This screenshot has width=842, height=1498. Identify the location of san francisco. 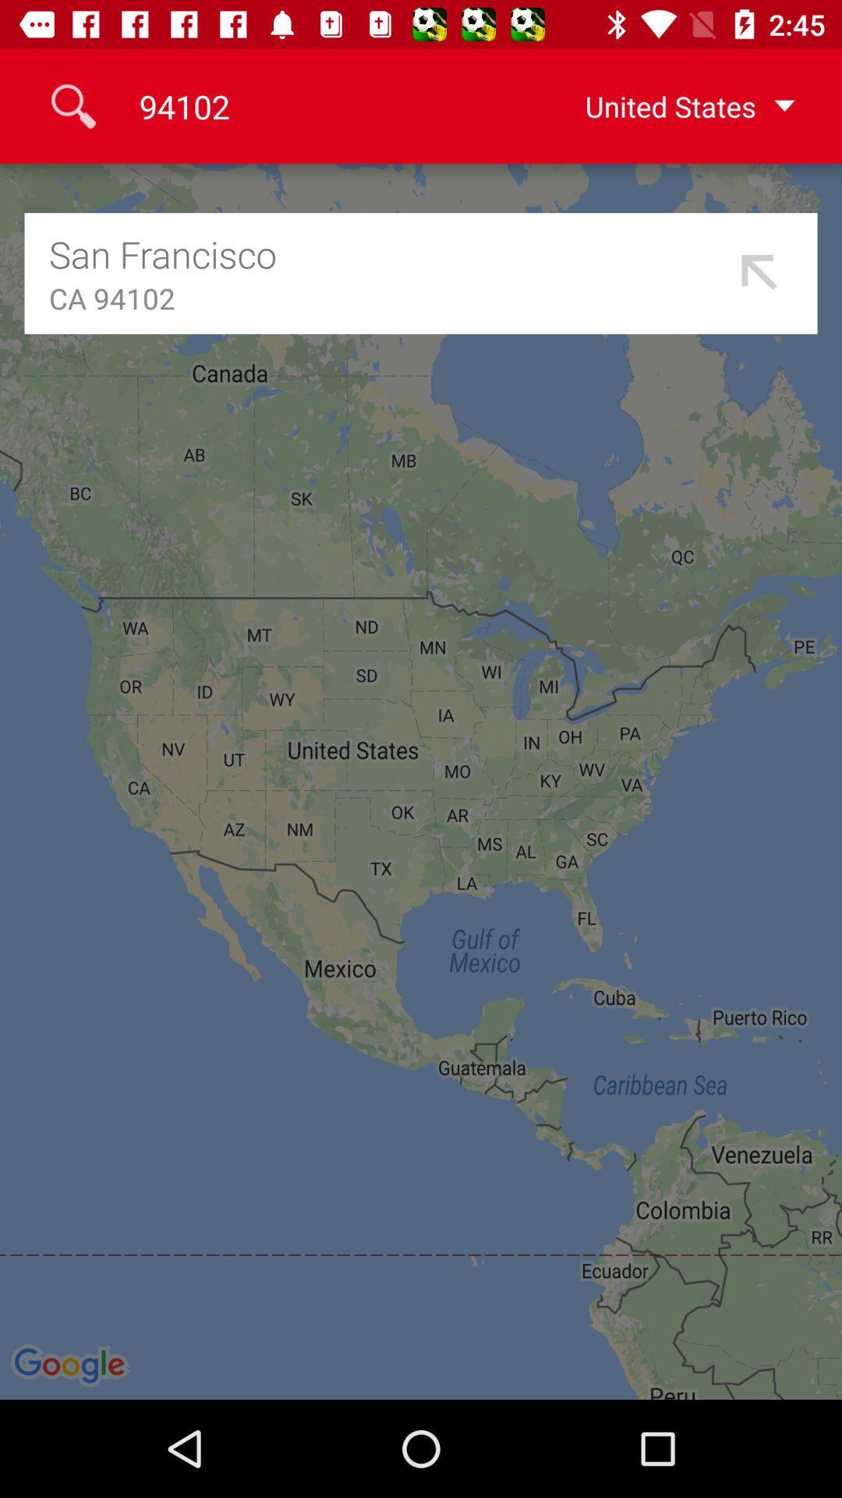
(387, 254).